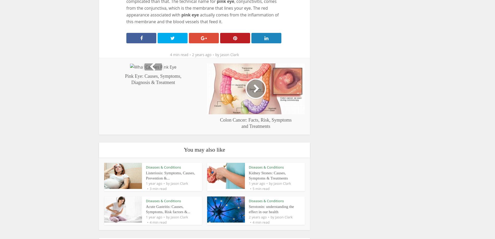  I want to click on 'Listeriosis: Symptoms, Causes, Prevention &...', so click(146, 175).